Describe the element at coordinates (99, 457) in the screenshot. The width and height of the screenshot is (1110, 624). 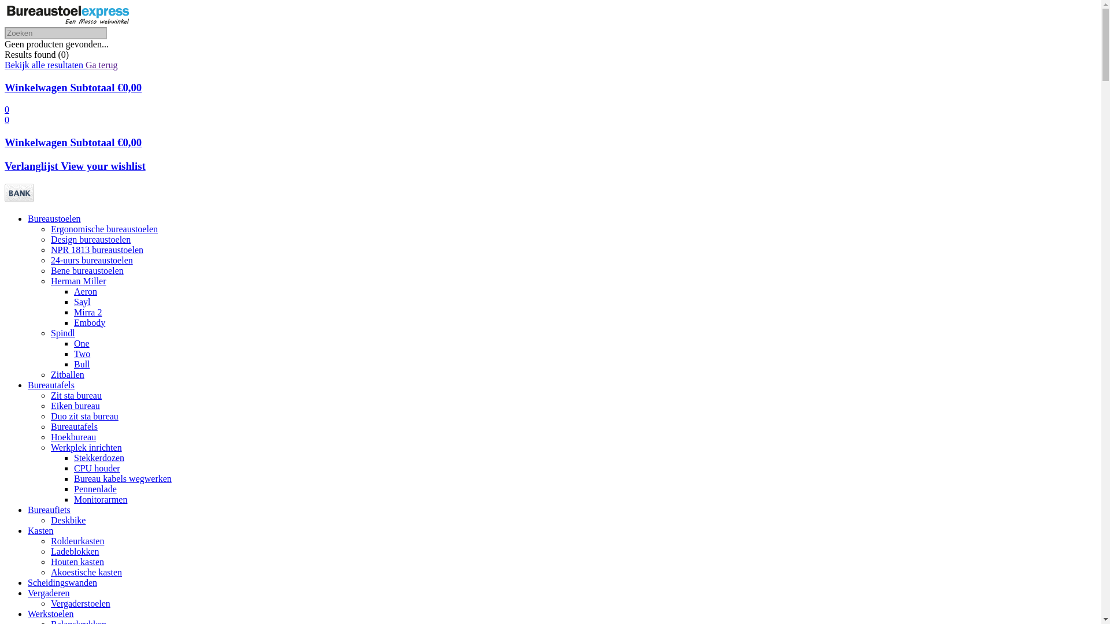
I see `'Stekkerdozen'` at that location.